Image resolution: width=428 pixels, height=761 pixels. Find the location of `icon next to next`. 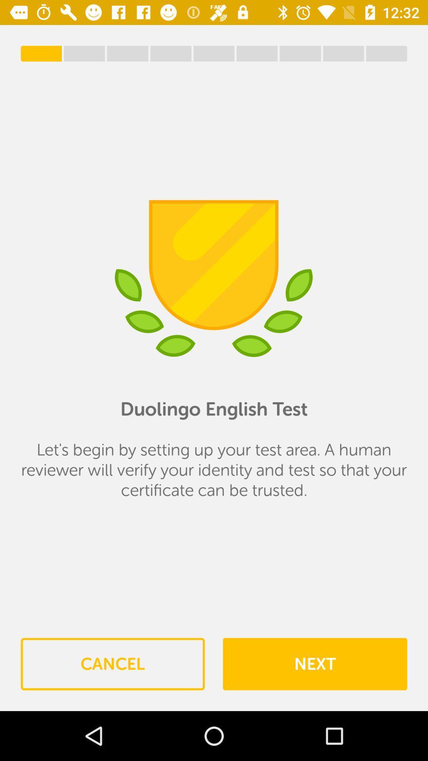

icon next to next is located at coordinates (113, 664).